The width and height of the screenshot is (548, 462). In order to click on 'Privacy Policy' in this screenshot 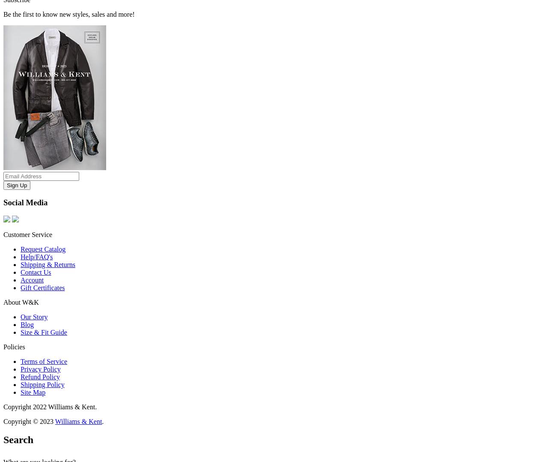, I will do `click(40, 368)`.